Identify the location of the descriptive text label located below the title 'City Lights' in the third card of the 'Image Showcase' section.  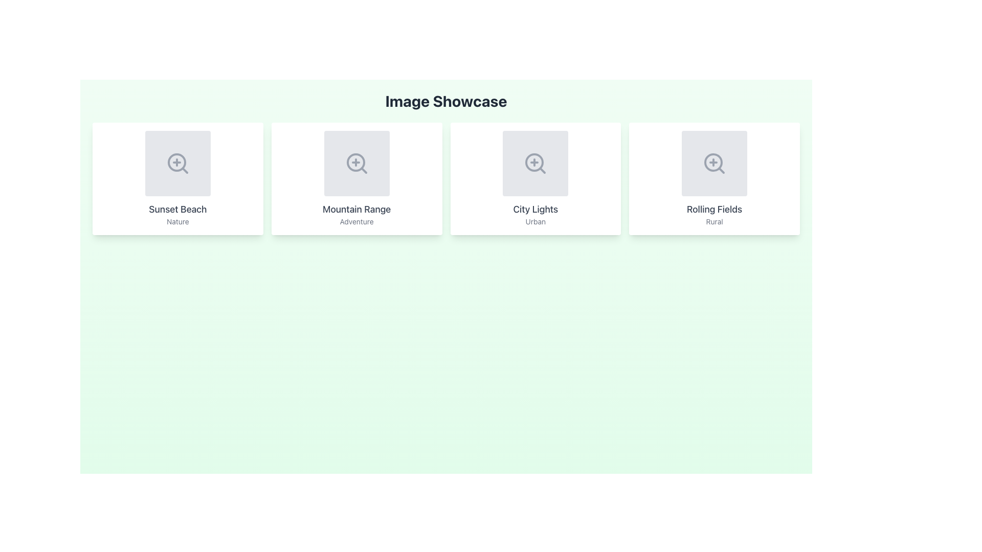
(535, 221).